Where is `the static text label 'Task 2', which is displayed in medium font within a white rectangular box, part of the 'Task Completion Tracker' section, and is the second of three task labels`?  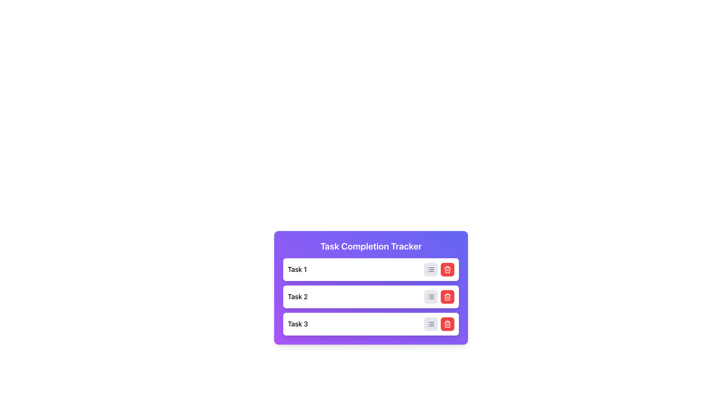
the static text label 'Task 2', which is displayed in medium font within a white rectangular box, part of the 'Task Completion Tracker' section, and is the second of three task labels is located at coordinates (297, 296).